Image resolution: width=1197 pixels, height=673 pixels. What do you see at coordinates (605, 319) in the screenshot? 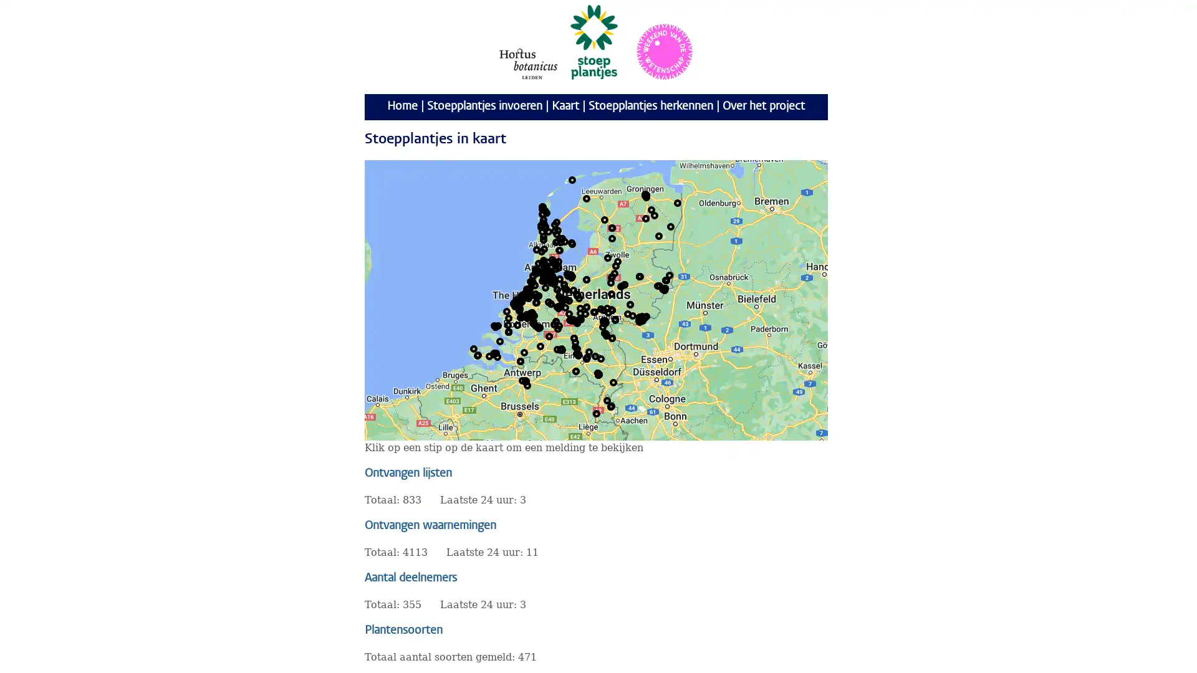
I see `Telling van op 23 mei 2022` at bounding box center [605, 319].